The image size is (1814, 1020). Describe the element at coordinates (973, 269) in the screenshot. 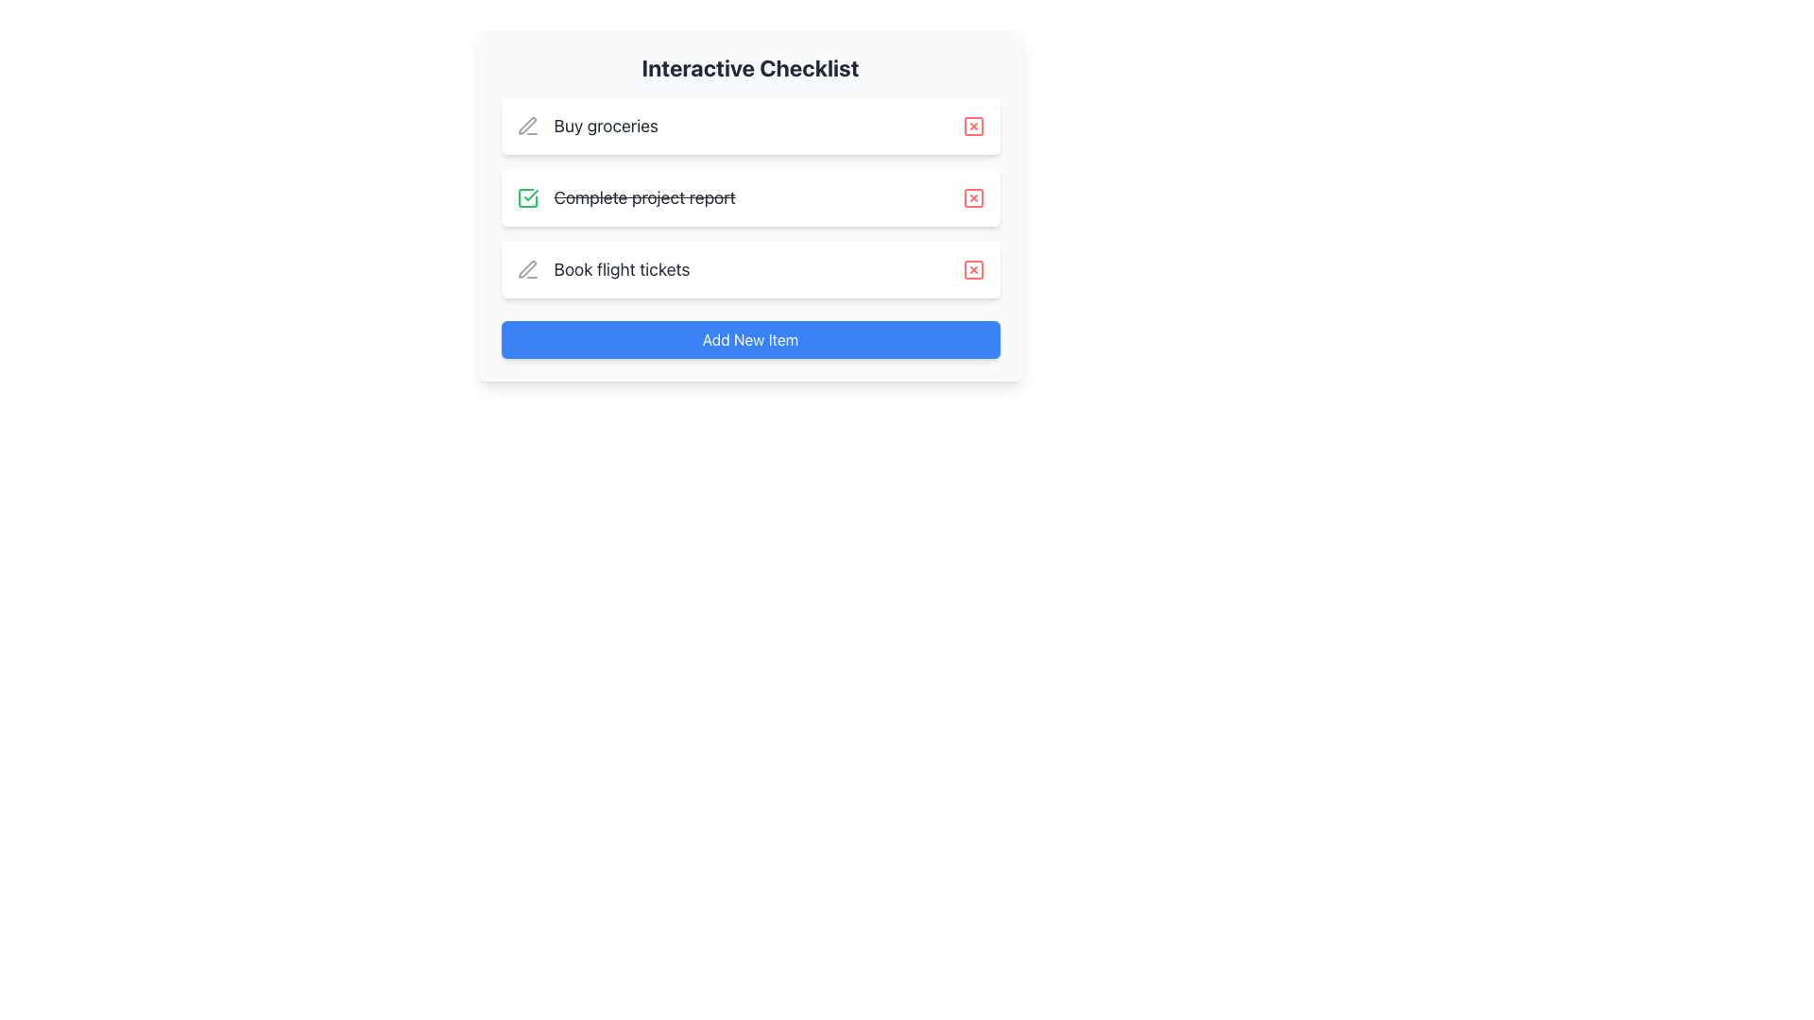

I see `the delete button located at the rightmost position in the 'Book flight tickets' row of the checklist interface` at that location.